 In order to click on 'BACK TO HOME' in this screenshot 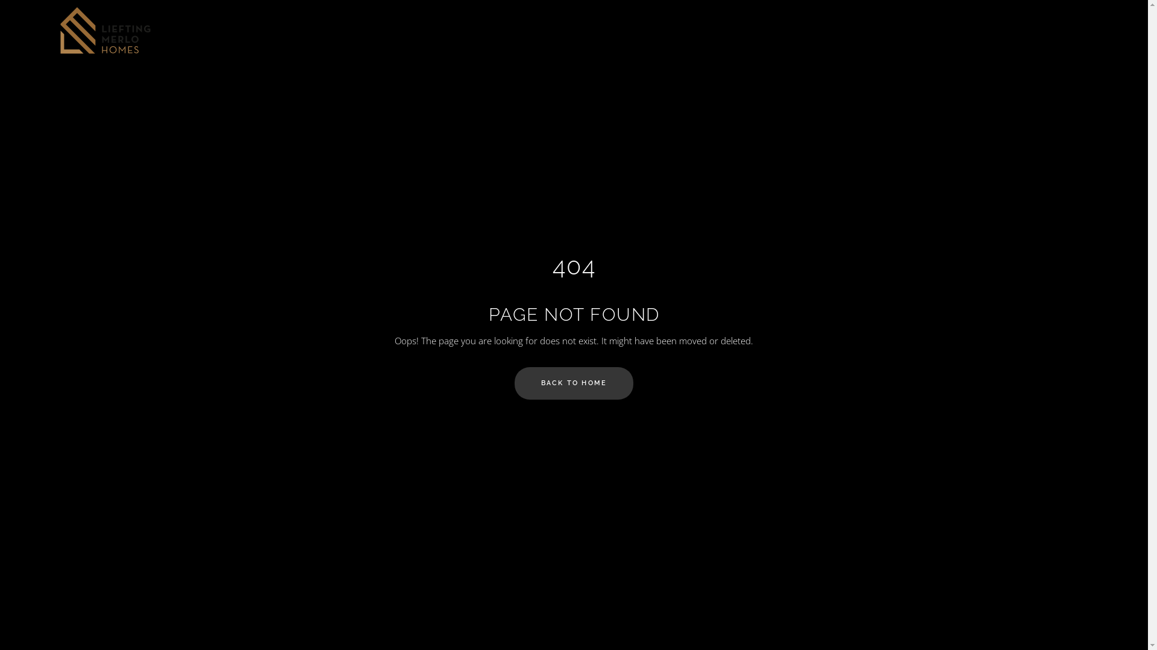, I will do `click(573, 383)`.